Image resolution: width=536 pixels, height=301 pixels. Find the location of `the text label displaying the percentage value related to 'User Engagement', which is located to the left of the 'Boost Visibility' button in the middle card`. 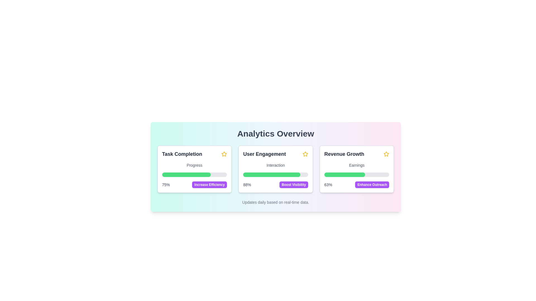

the text label displaying the percentage value related to 'User Engagement', which is located to the left of the 'Boost Visibility' button in the middle card is located at coordinates (247, 185).